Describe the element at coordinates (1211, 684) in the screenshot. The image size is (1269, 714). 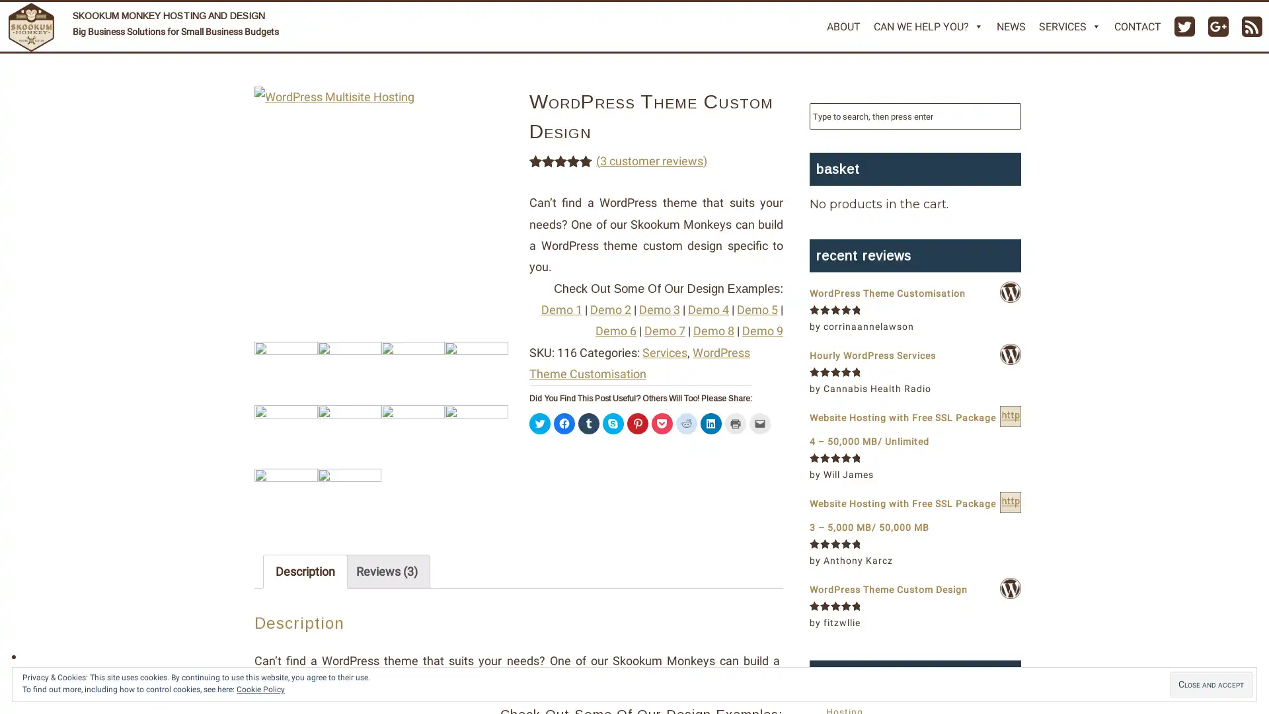
I see `Close and accept` at that location.